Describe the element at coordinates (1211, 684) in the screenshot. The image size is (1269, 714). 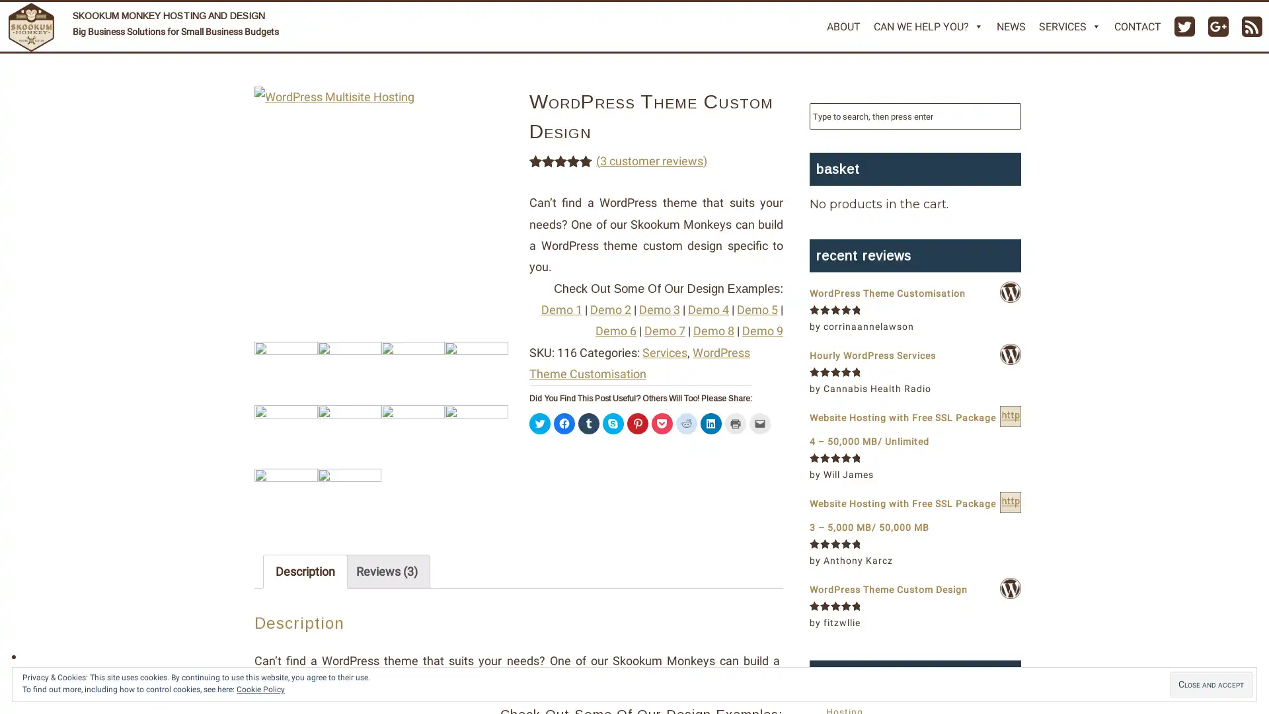
I see `Close and accept` at that location.